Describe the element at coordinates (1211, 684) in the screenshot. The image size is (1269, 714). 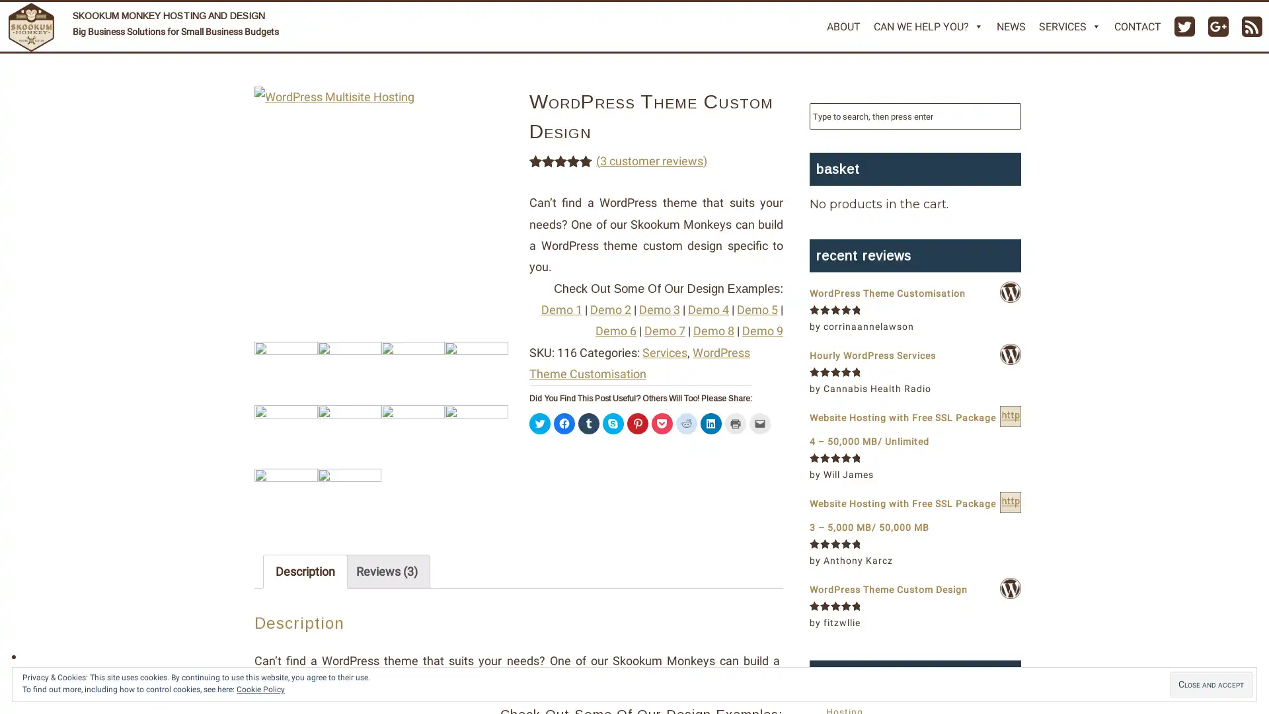
I see `Close and accept` at that location.